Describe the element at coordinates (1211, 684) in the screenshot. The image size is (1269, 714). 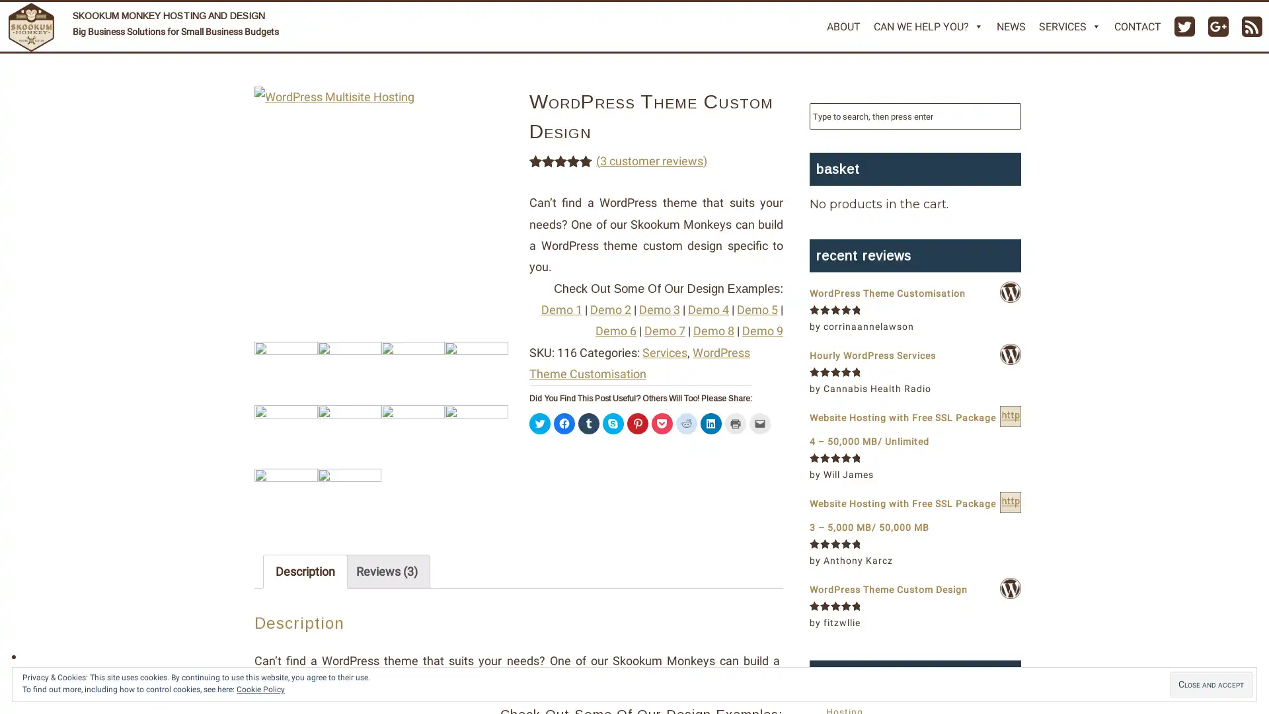
I see `Close and accept` at that location.